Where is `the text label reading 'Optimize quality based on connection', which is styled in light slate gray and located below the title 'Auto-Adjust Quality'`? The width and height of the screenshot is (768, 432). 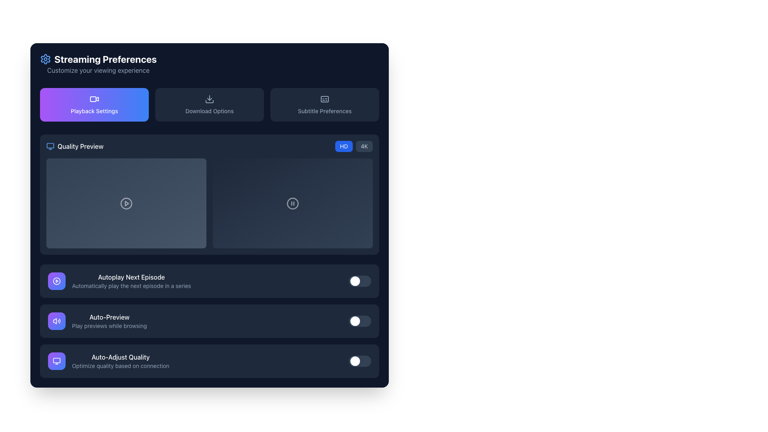 the text label reading 'Optimize quality based on connection', which is styled in light slate gray and located below the title 'Auto-Adjust Quality' is located at coordinates (120, 366).